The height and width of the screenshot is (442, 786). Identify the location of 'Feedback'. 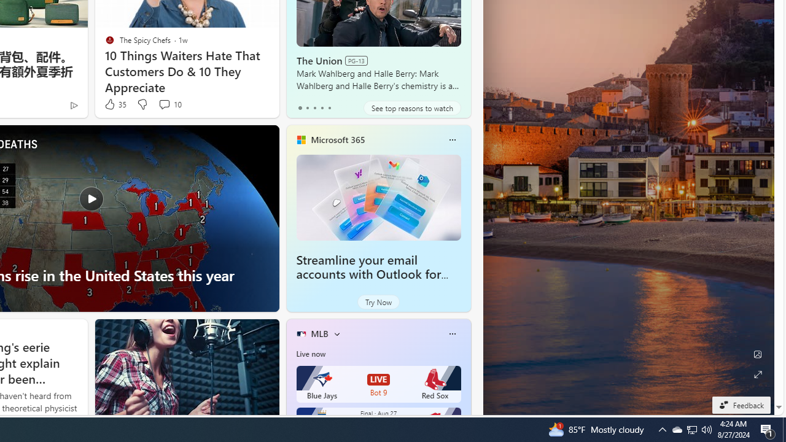
(740, 405).